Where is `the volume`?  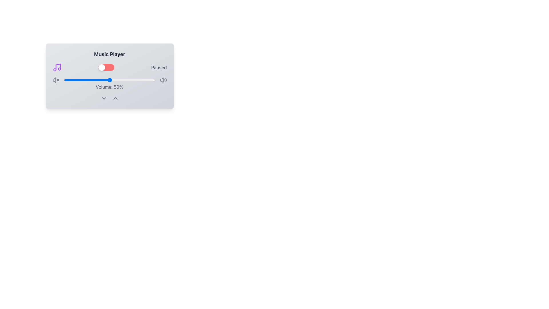
the volume is located at coordinates (140, 80).